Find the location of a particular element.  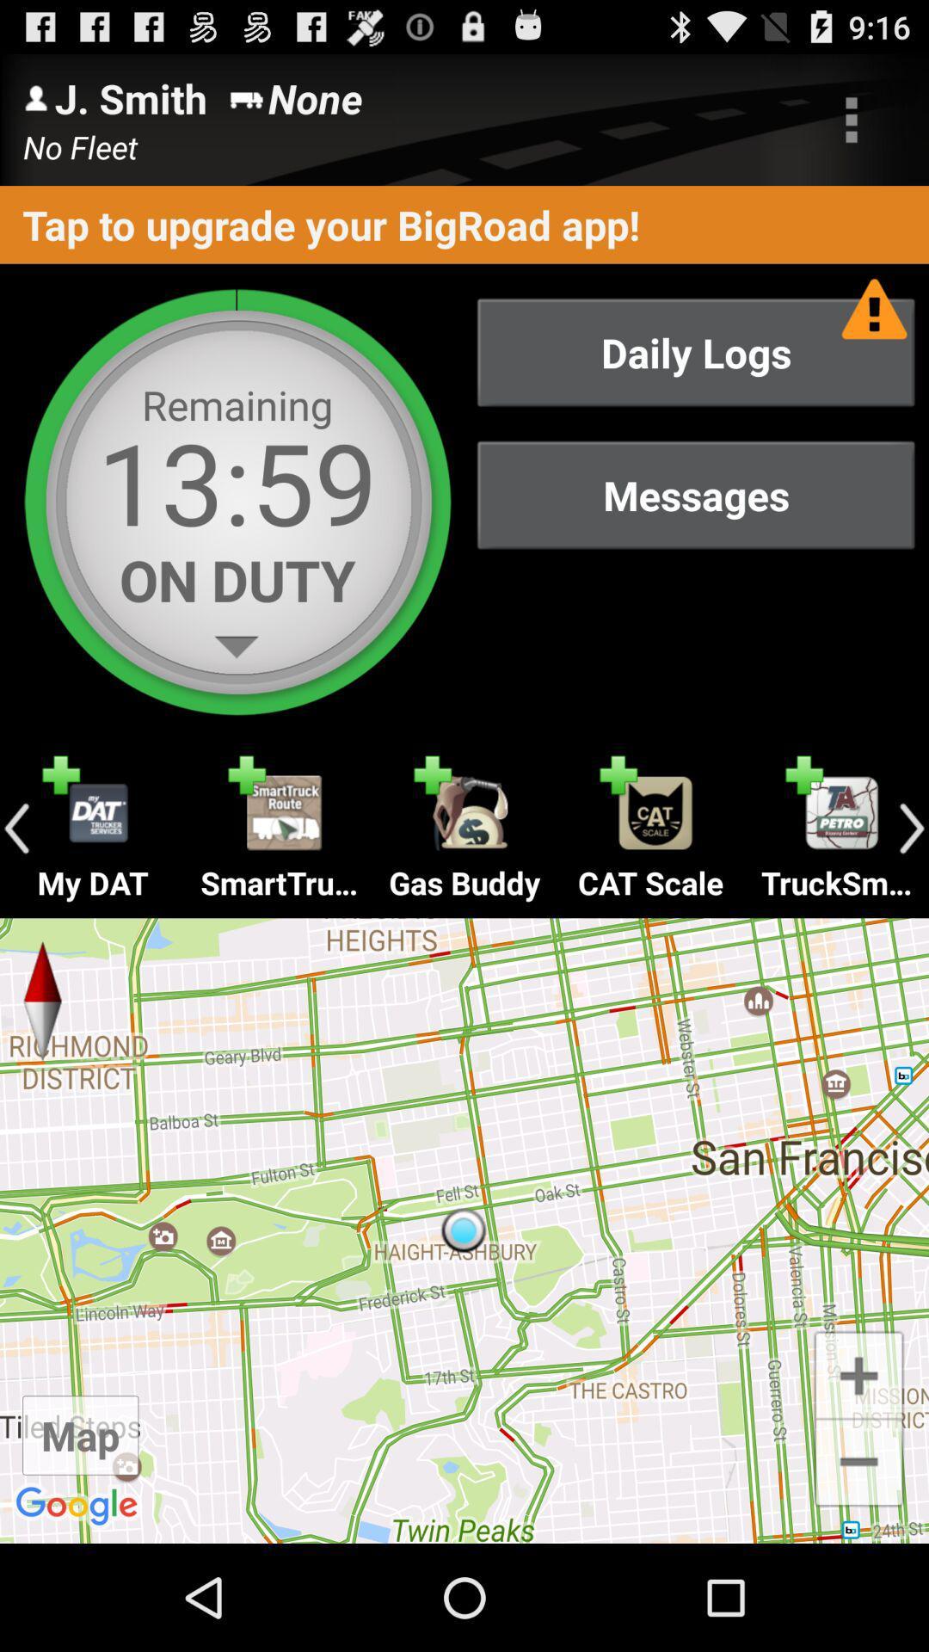

daily logs button is located at coordinates (695, 351).